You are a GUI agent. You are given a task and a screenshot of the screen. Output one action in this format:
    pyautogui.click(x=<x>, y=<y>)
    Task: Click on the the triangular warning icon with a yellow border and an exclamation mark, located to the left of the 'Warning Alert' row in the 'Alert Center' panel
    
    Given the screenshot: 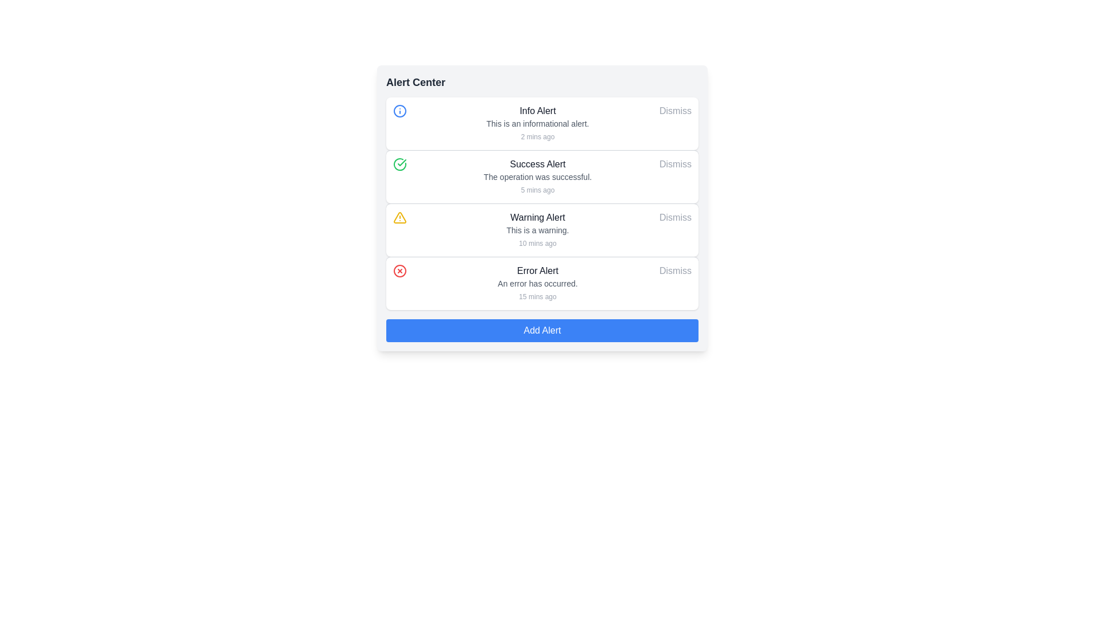 What is the action you would take?
    pyautogui.click(x=399, y=218)
    